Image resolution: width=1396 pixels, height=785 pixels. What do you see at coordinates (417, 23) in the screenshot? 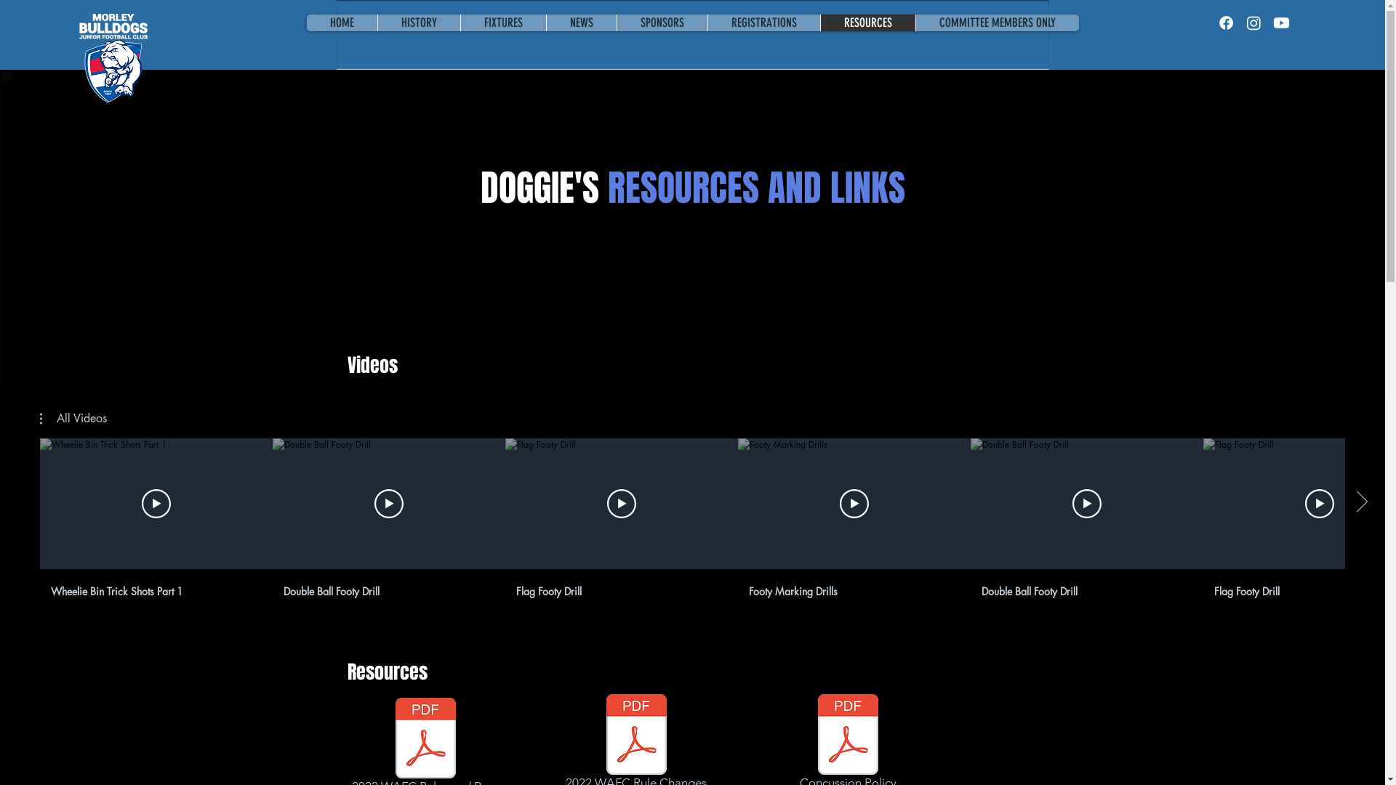
I see `'HISTORY'` at bounding box center [417, 23].